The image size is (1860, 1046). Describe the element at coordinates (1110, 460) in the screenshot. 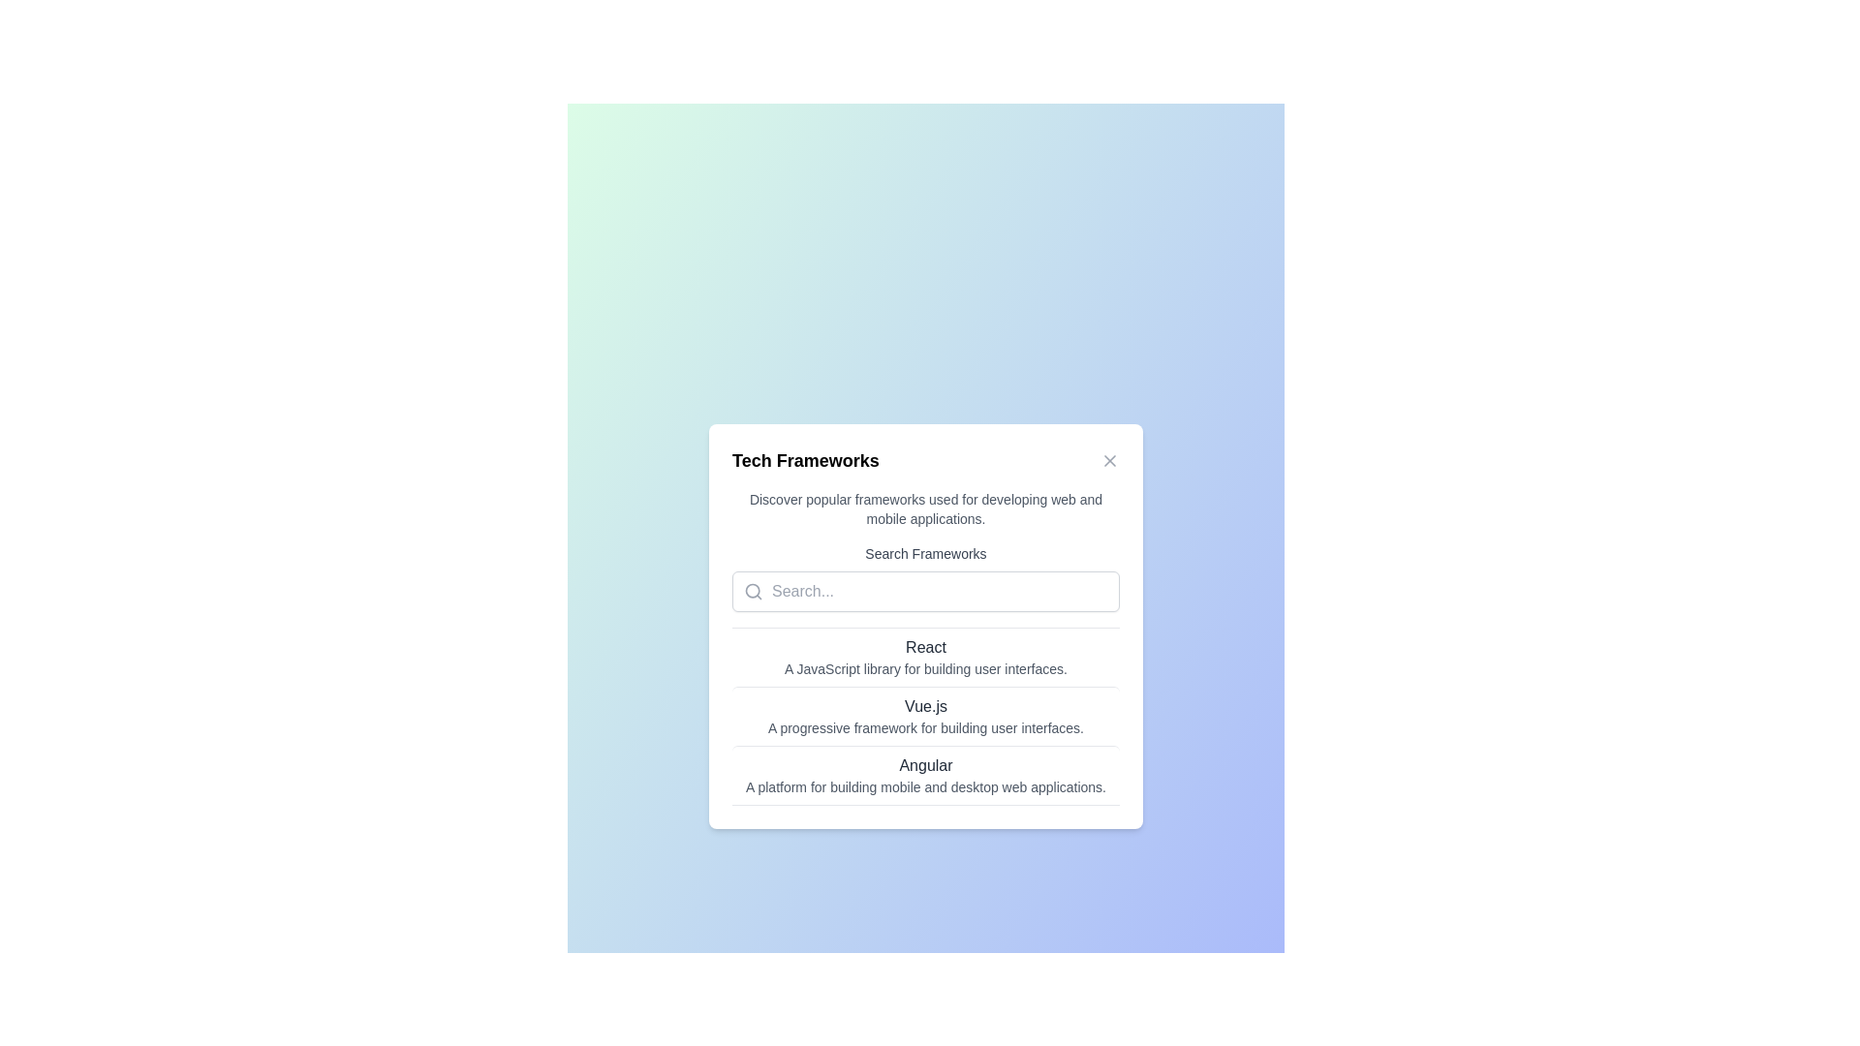

I see `the close button located on the far right of the header bar for the 'Tech Frameworks' dialog` at that location.